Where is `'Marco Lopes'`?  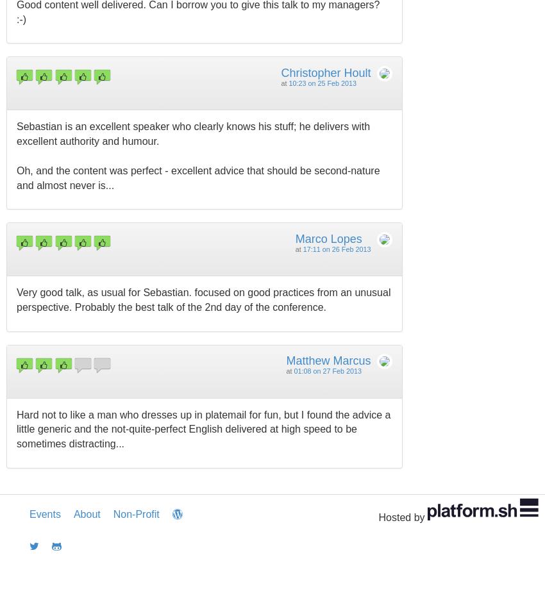 'Marco Lopes' is located at coordinates (294, 238).